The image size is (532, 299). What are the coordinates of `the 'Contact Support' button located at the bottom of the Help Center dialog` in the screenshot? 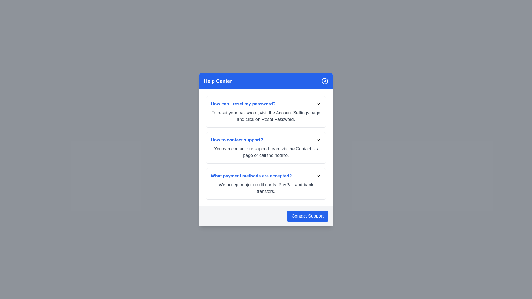 It's located at (307, 216).